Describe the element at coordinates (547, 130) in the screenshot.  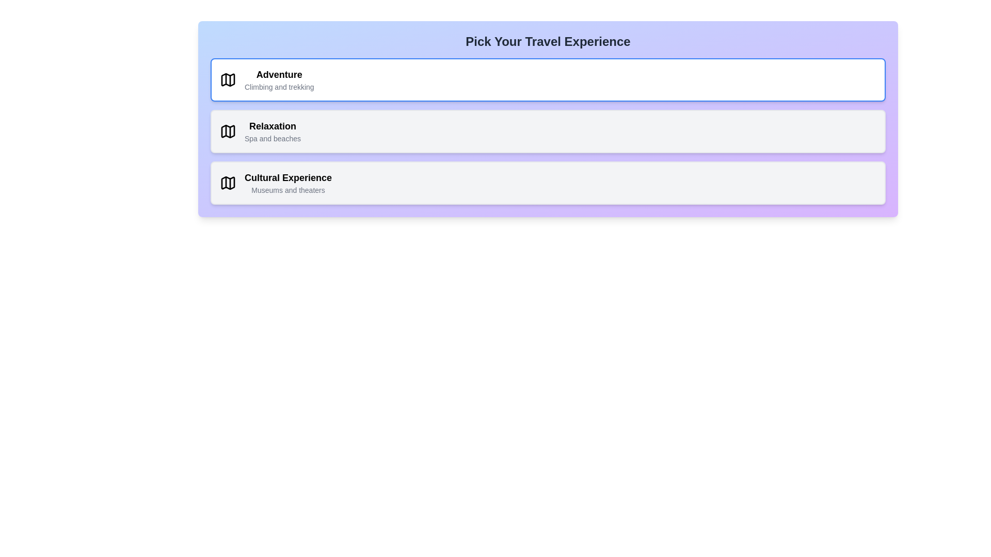
I see `the Selectable Option Card for relaxation activities, which is the second element in a vertically stacked arrangement of three options` at that location.